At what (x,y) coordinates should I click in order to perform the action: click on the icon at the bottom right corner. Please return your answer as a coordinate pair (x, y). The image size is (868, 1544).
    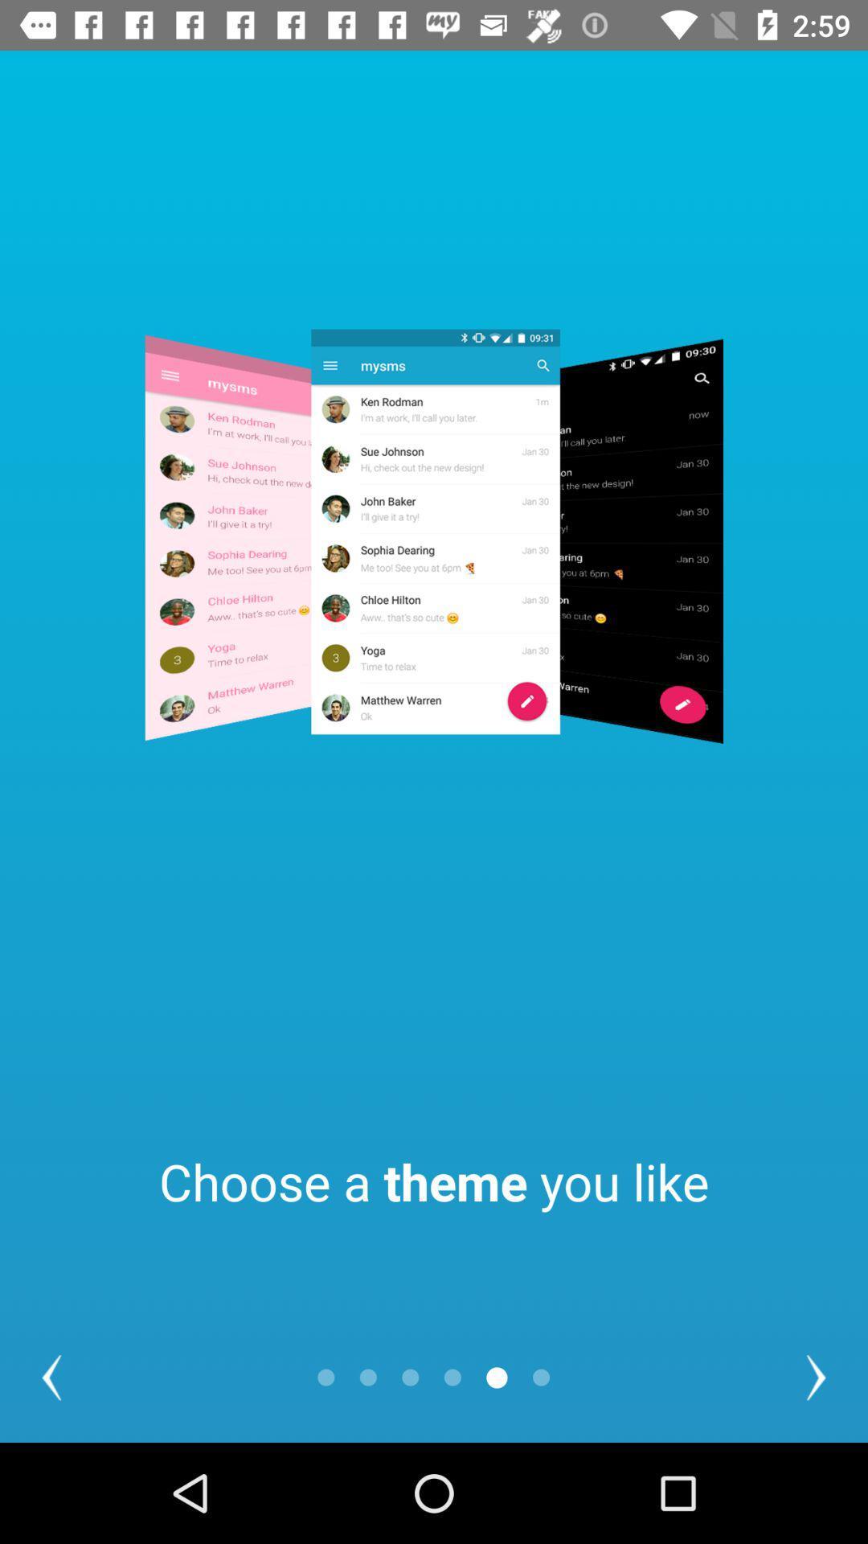
    Looking at the image, I should click on (816, 1377).